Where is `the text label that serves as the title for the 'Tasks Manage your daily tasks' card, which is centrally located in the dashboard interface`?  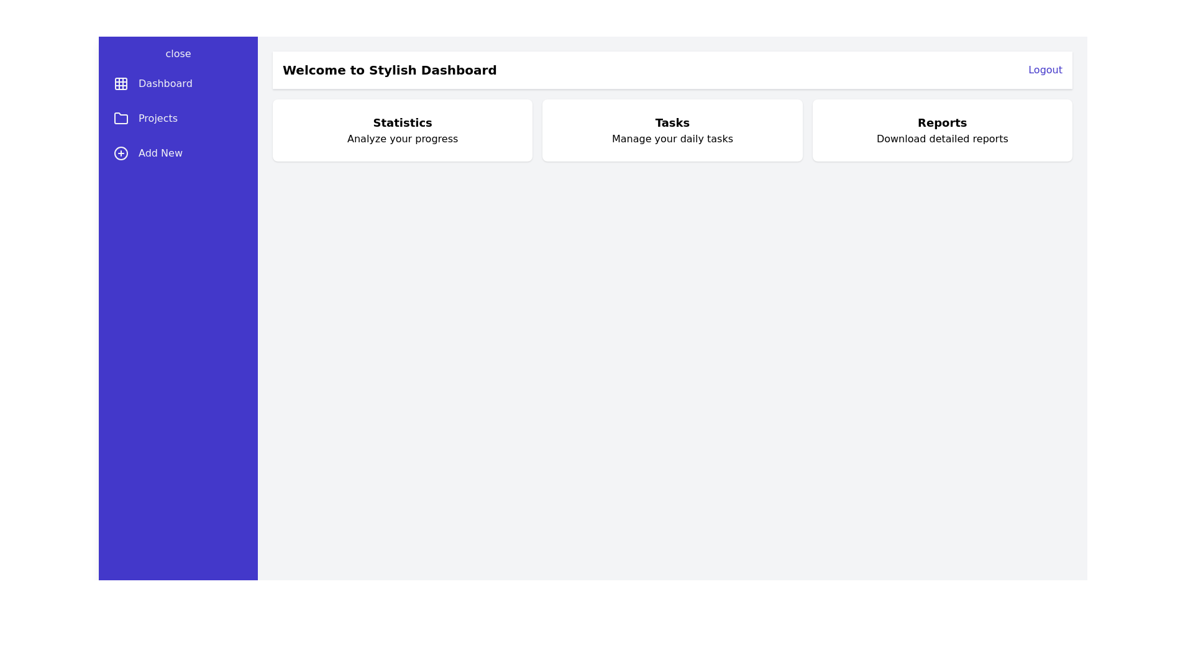
the text label that serves as the title for the 'Tasks Manage your daily tasks' card, which is centrally located in the dashboard interface is located at coordinates (672, 122).